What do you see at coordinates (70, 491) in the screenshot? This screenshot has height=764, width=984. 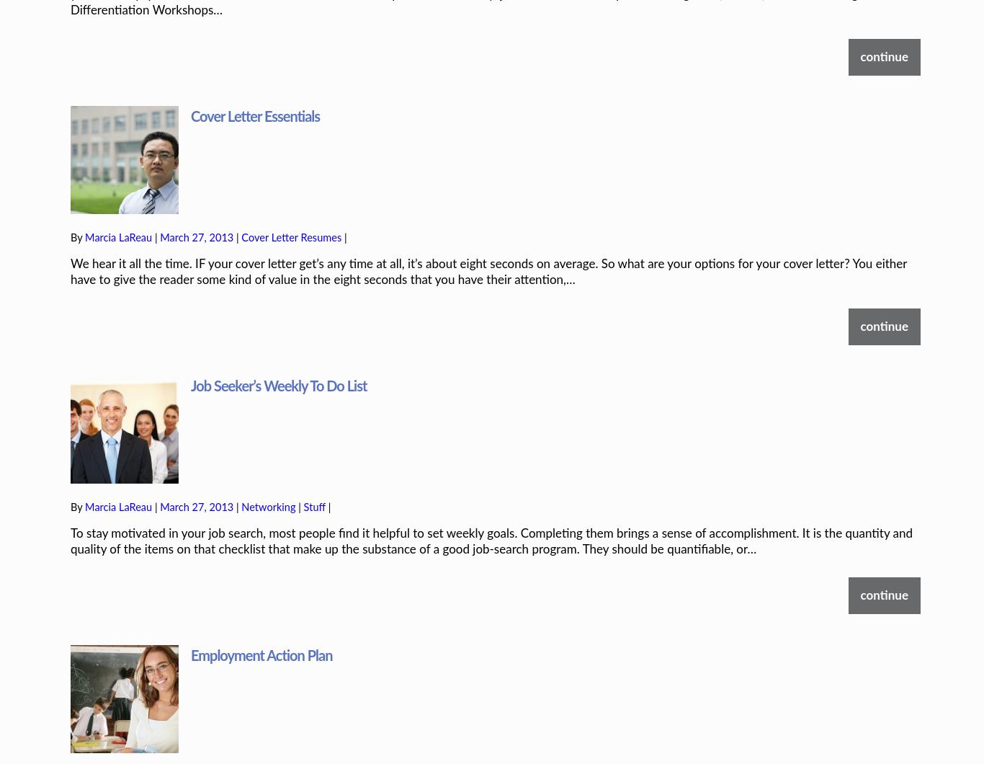 I see `'To stay motivated in your job search, most people find it helpful to set weekly goals. Completing them brings a sense of accomplishment. It is the quantity and quality of the items on that checklist that make up the substance of a good job-search program. They should be quantifiable, or…'` at bounding box center [70, 491].